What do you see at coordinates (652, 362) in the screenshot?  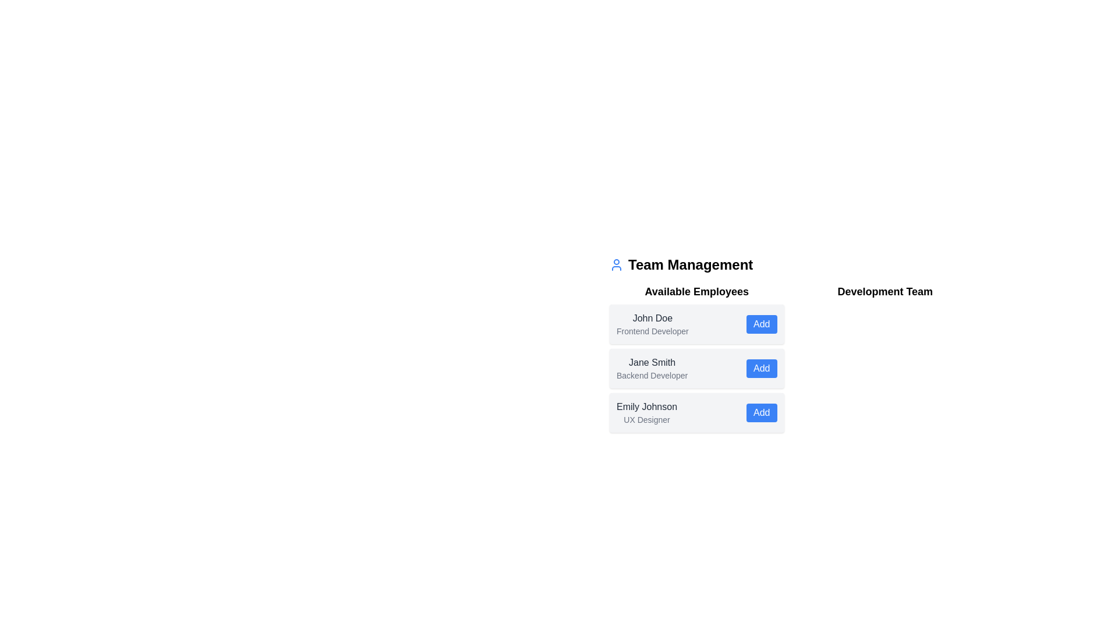 I see `the static text label displaying the name of an employee in the 'Available Employees' list under the 'Team Management' section, located between 'John Doe' and 'Emily Johnson'` at bounding box center [652, 362].